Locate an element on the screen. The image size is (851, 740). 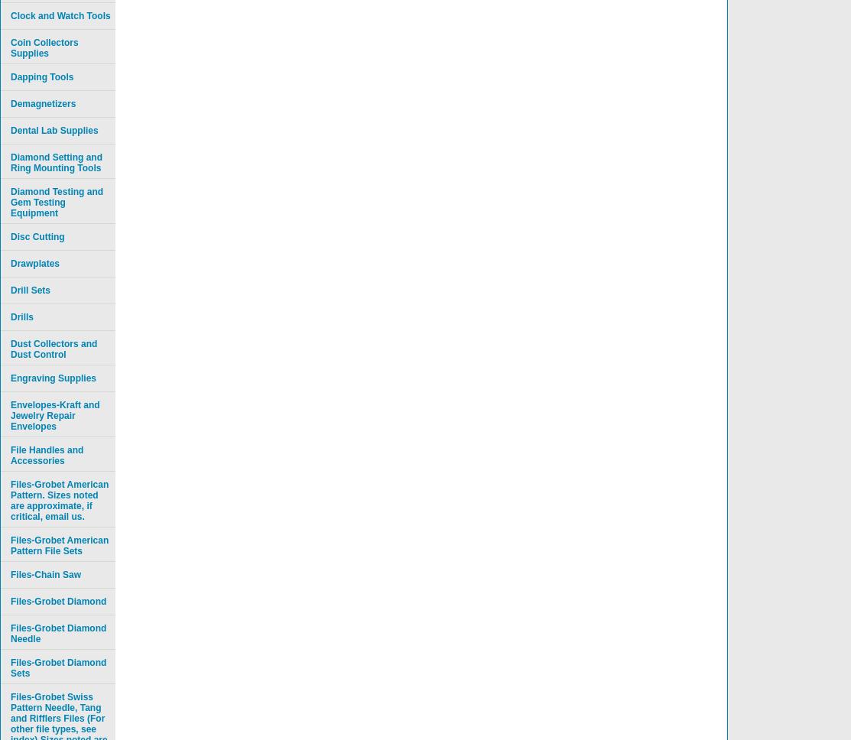
'File Handles and Accessories' is located at coordinates (47, 455).